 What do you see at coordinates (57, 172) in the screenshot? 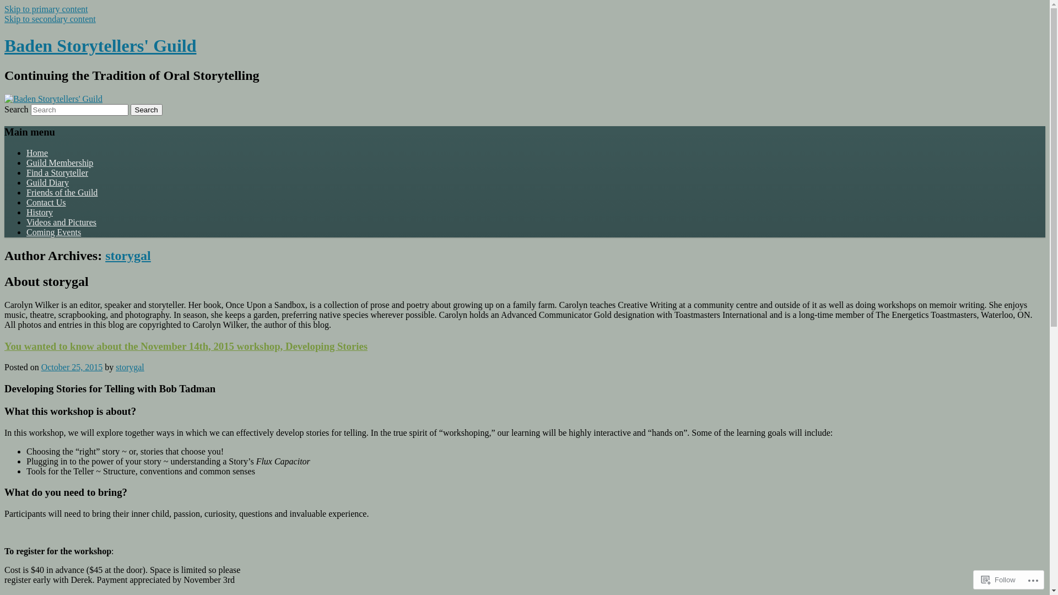
I see `'Find a Storyteller'` at bounding box center [57, 172].